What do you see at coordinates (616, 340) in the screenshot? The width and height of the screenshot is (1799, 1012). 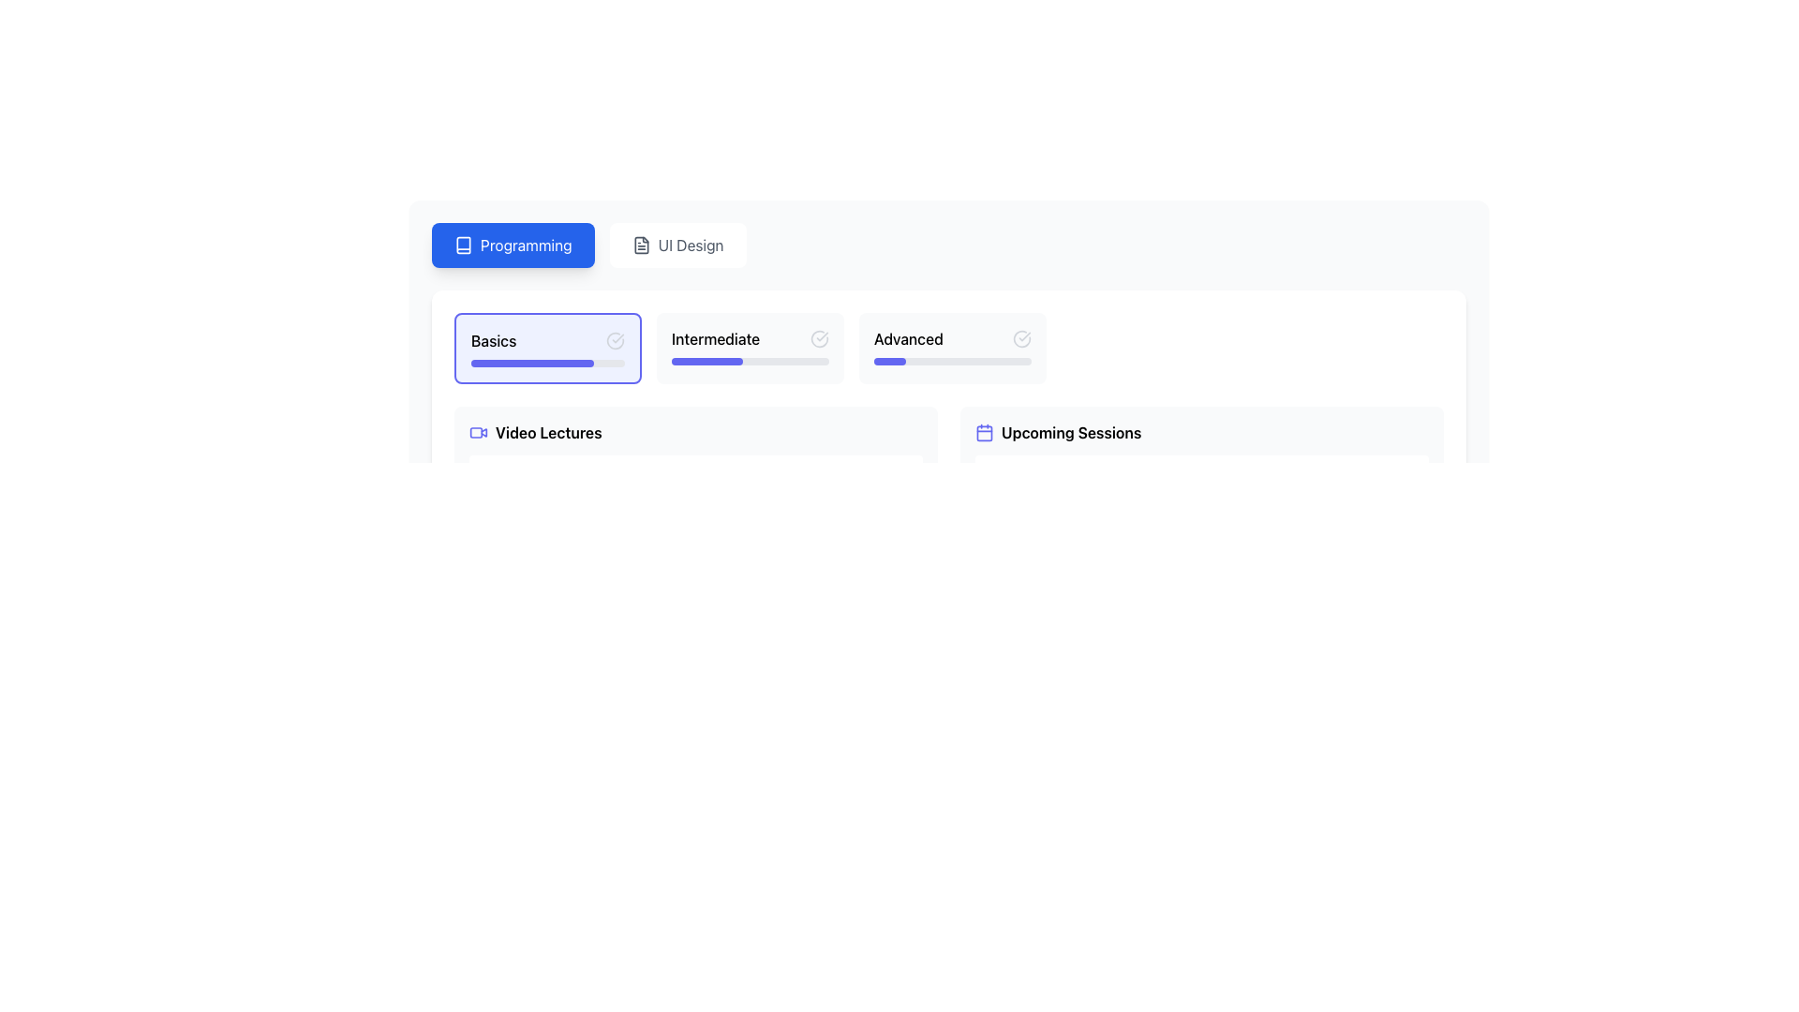 I see `the status of the circular icon with a checkmark inside it, located to the right of the 'Basics' label` at bounding box center [616, 340].